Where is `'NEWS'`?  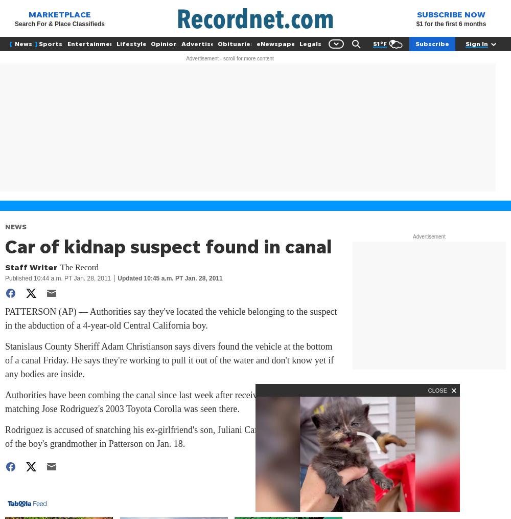
'NEWS' is located at coordinates (16, 226).